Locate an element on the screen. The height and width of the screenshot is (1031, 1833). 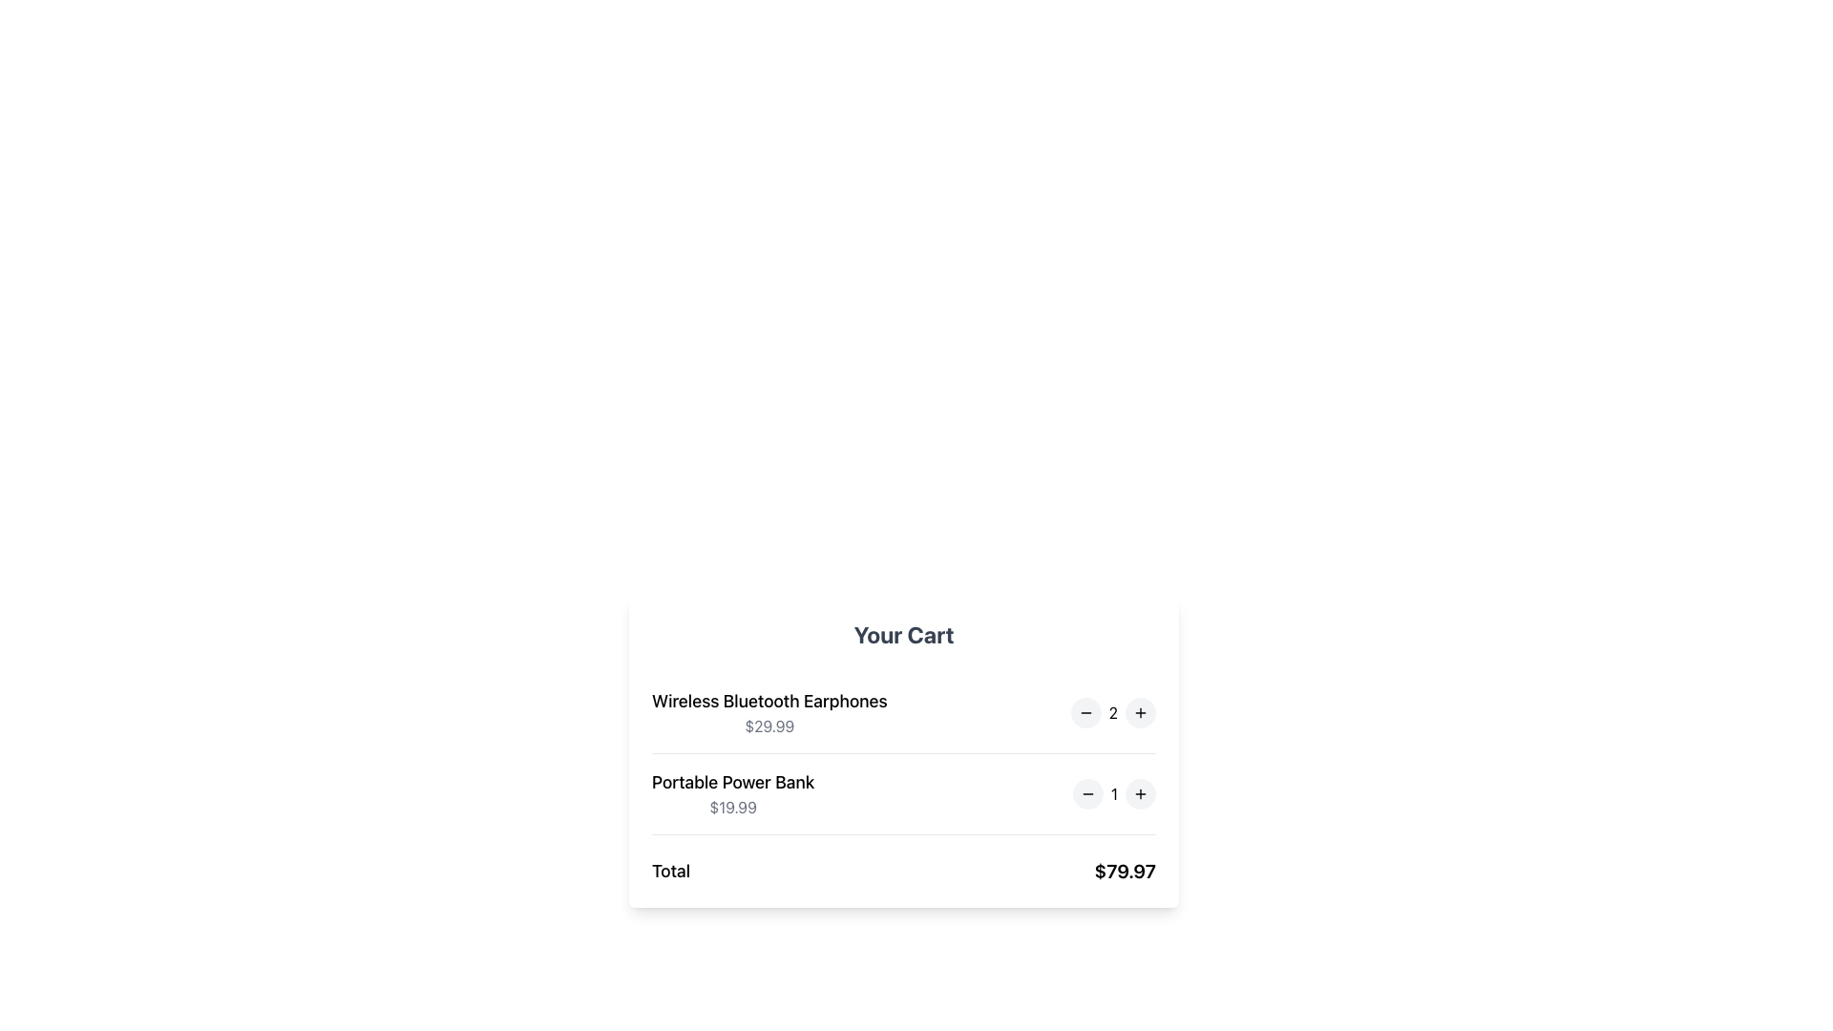
the gray-colored static text displaying the dollar value '$19.99', which is positioned below the product title 'Portable Power Bank' in the cart interface is located at coordinates (732, 807).